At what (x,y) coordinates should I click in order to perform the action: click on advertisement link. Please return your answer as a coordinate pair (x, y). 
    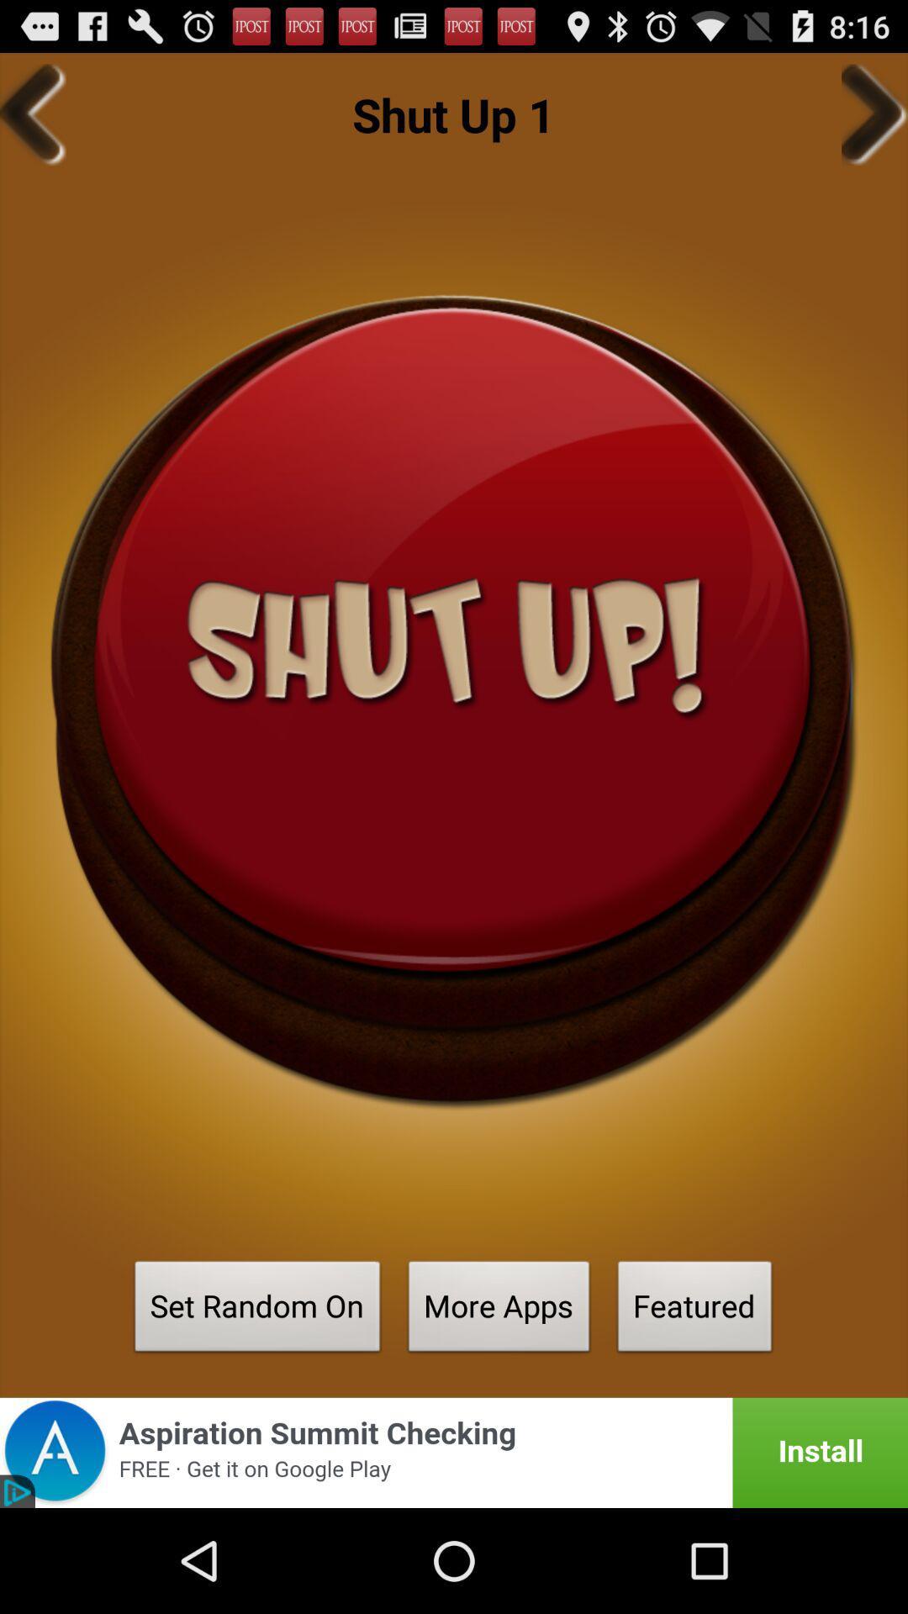
    Looking at the image, I should click on (454, 1452).